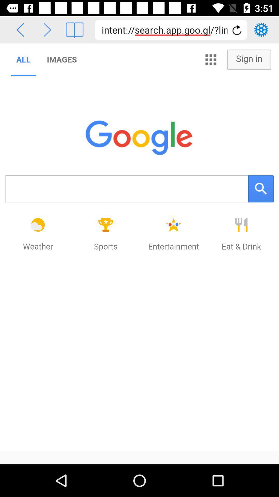 The width and height of the screenshot is (279, 497). What do you see at coordinates (47, 30) in the screenshot?
I see `the arrow_forward icon` at bounding box center [47, 30].